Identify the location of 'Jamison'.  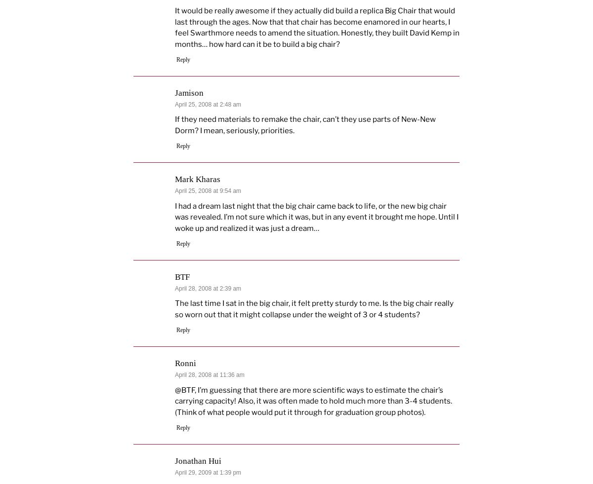
(189, 92).